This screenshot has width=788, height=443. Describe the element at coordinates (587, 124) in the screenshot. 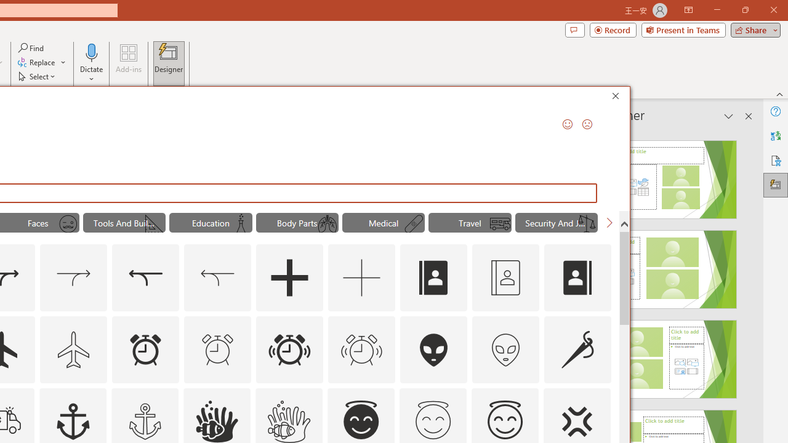

I see `'Send a Frown'` at that location.